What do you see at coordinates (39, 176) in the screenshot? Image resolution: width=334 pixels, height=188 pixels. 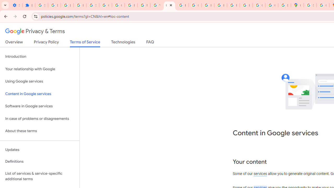 I see `'List of services & service-specific additional terms'` at bounding box center [39, 176].